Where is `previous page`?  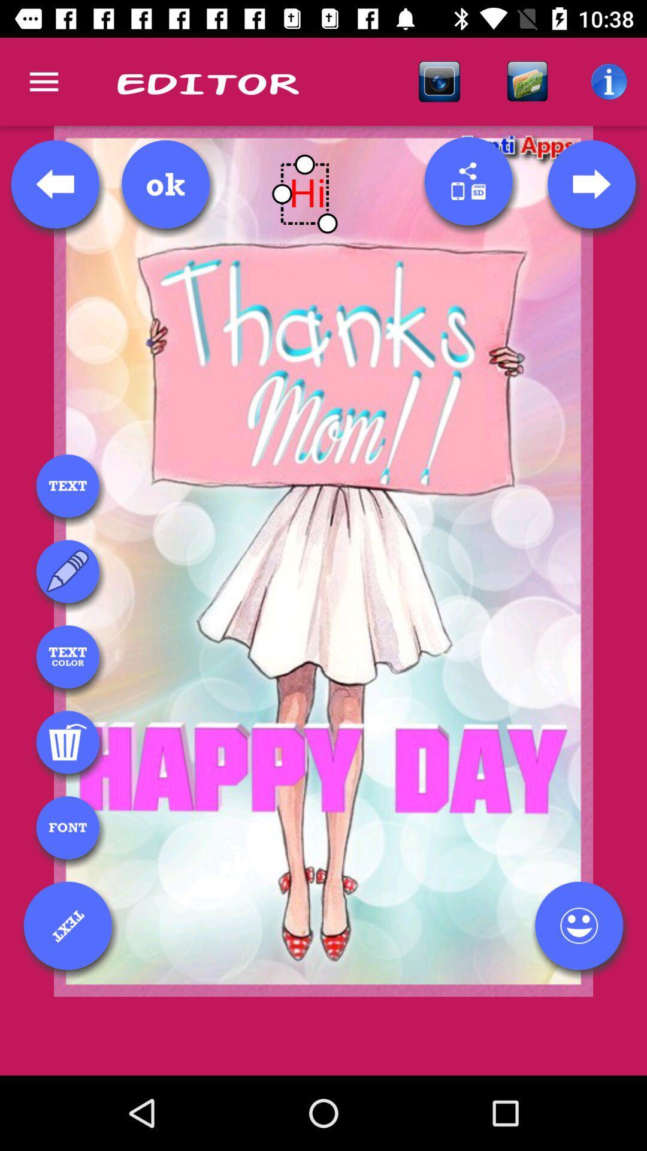 previous page is located at coordinates (55, 183).